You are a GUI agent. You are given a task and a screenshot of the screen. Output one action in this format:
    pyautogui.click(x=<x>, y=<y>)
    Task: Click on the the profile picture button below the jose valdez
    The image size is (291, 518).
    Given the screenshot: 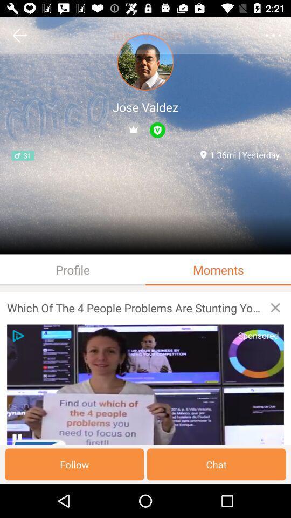 What is the action you would take?
    pyautogui.click(x=145, y=62)
    